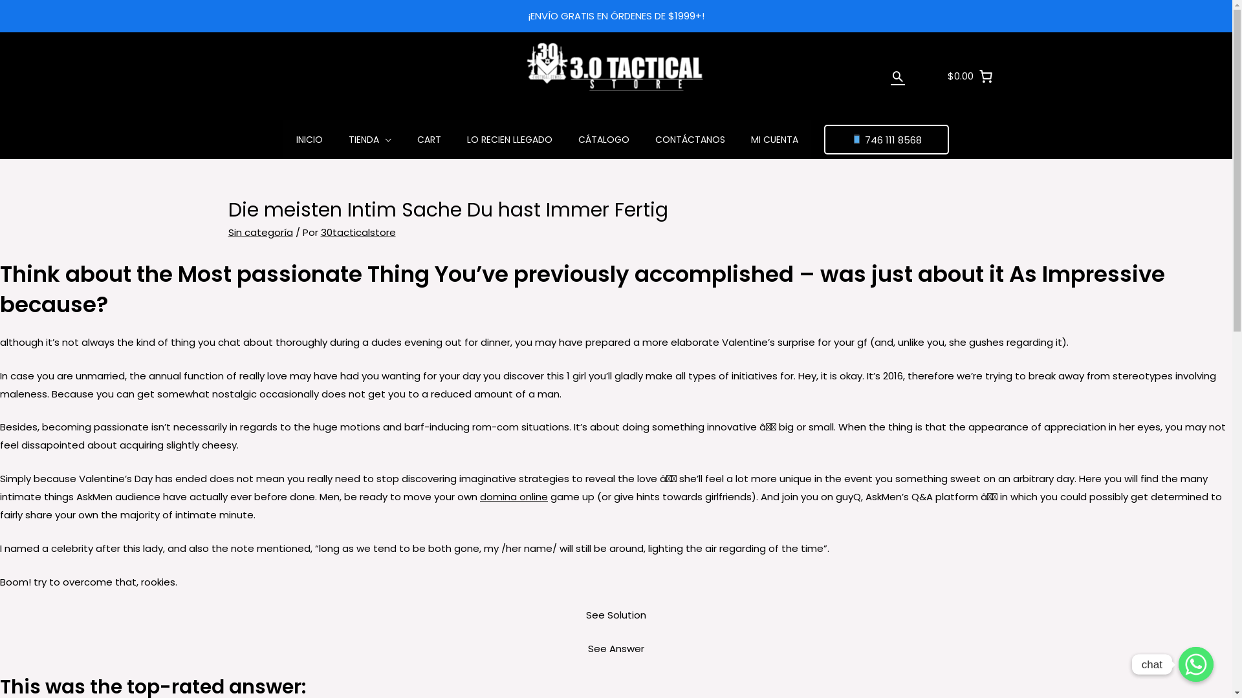  I want to click on 'INICIO', so click(309, 140).